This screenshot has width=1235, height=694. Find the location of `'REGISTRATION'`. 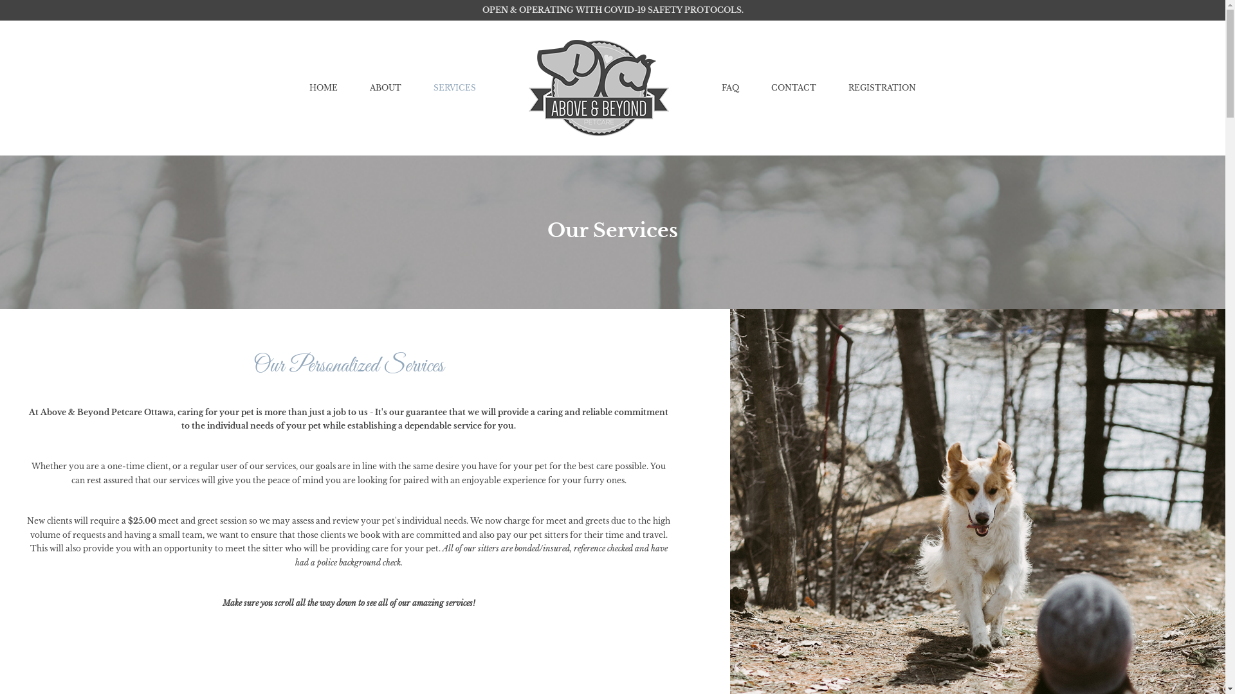

'REGISTRATION' is located at coordinates (881, 87).